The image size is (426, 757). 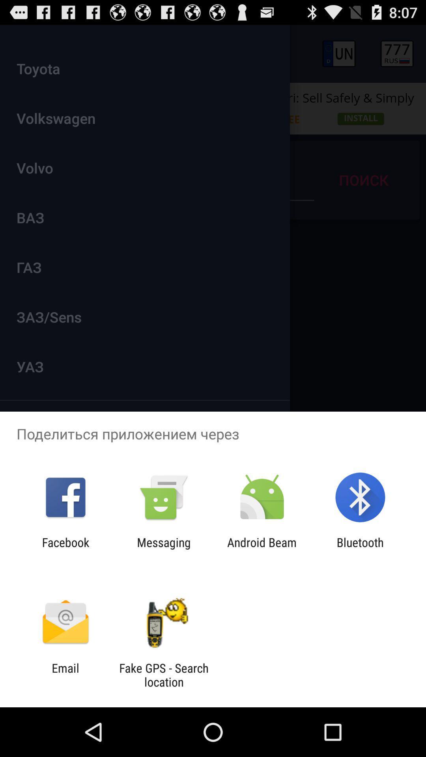 I want to click on the app next to email app, so click(x=163, y=675).